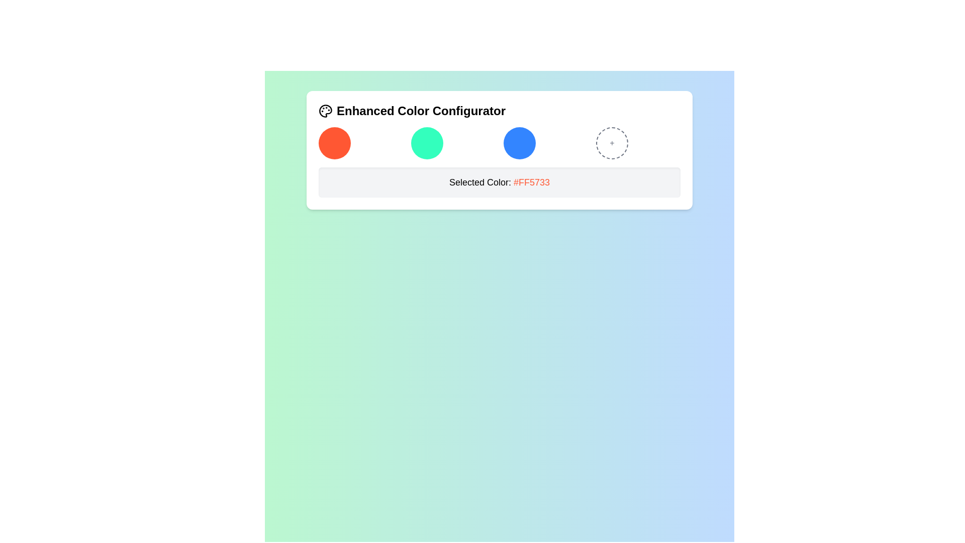  I want to click on the second circular selectable button located in a horizontal sequence of circular elements, positioned between an orange circle on its left and a blue circle on its right, so click(427, 143).